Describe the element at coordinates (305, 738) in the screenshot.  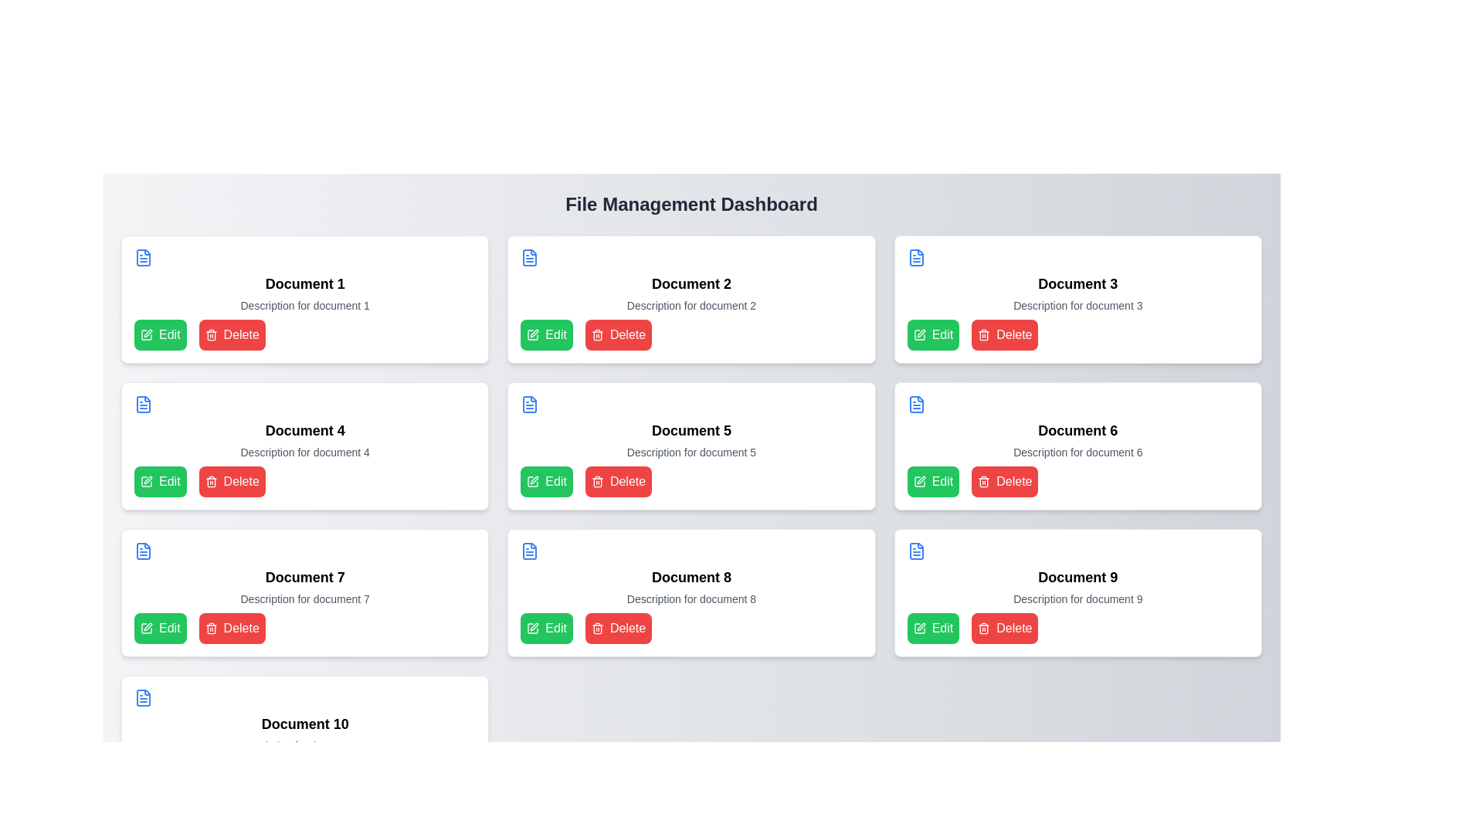
I see `the 'Edit' button on the 'Document 10' card, which is a rectangular card with a white background and rounded corners, located at the bottom-left corner of the grid layout` at that location.